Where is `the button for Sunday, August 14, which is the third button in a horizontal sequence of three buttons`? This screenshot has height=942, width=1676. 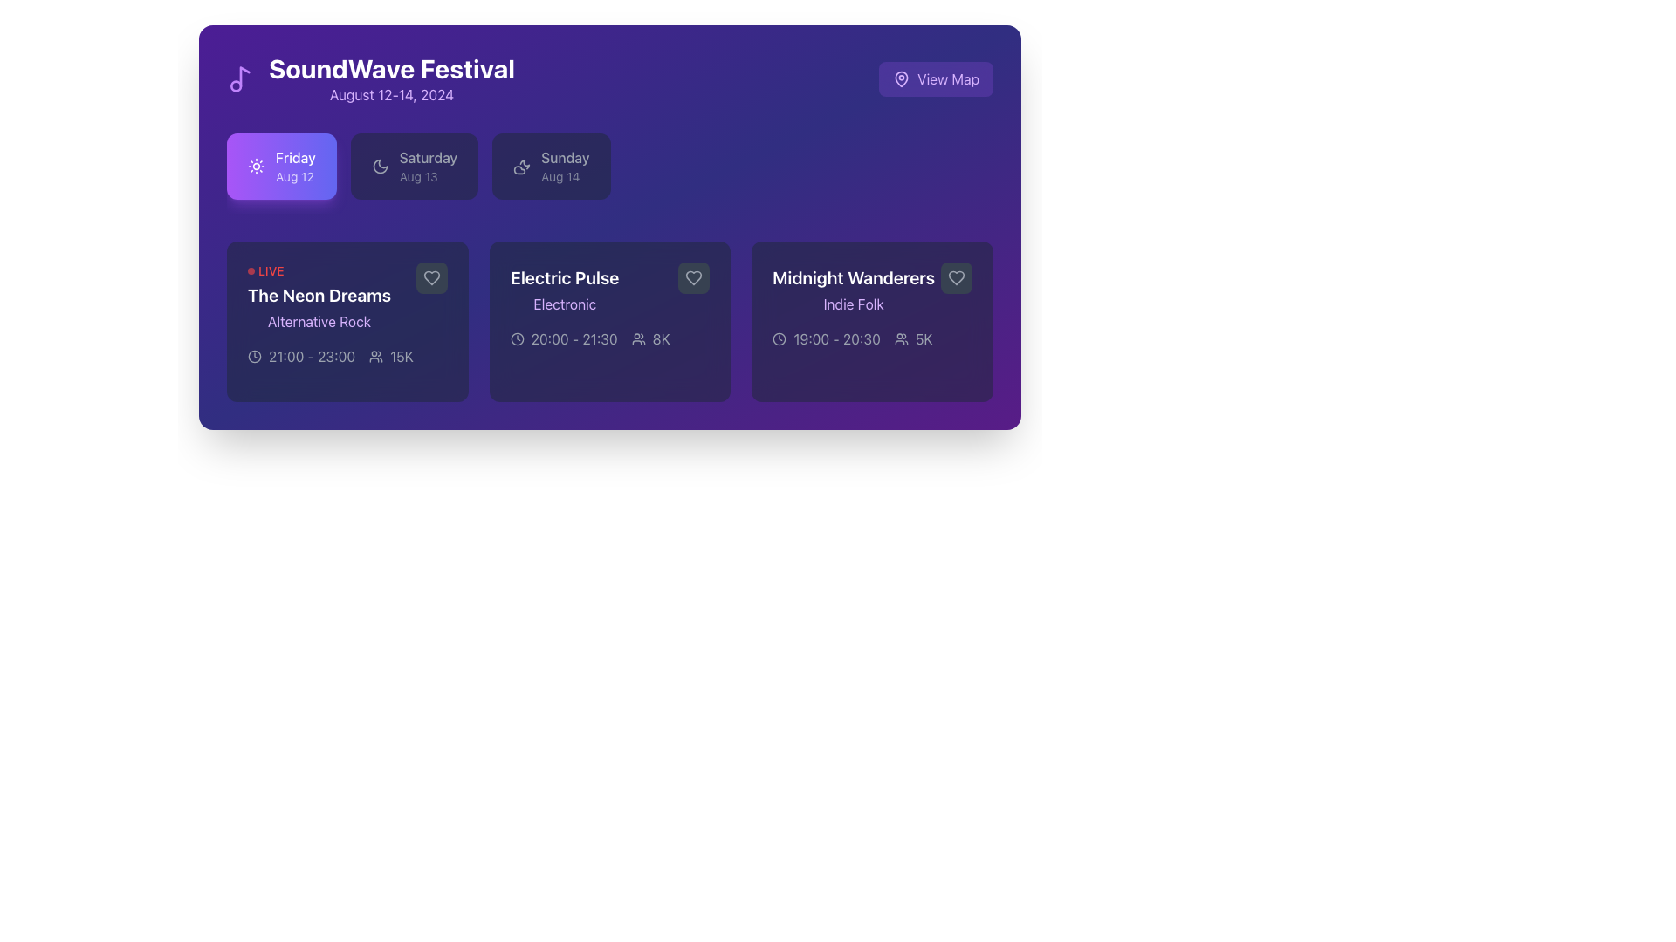
the button for Sunday, August 14, which is the third button in a horizontal sequence of three buttons is located at coordinates (550, 167).